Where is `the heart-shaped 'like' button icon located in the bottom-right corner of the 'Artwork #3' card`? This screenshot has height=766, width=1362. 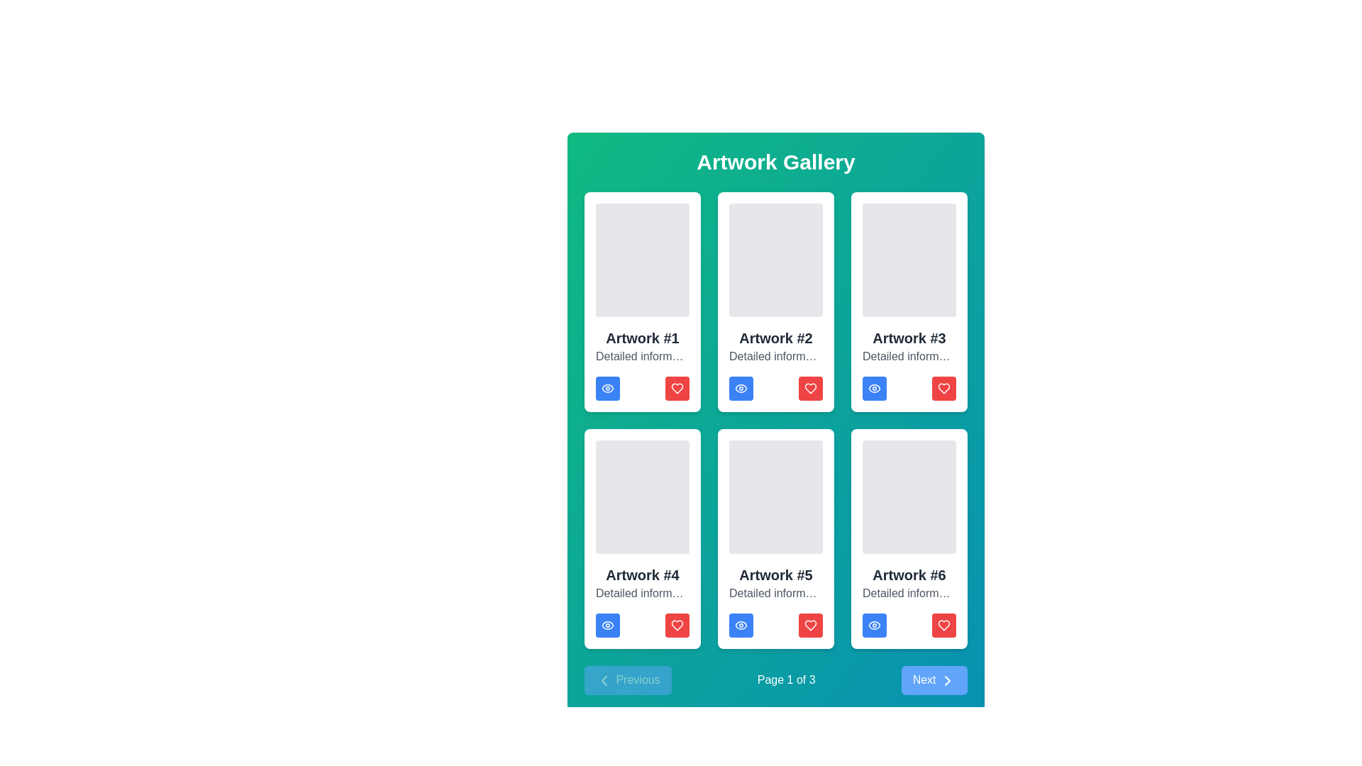 the heart-shaped 'like' button icon located in the bottom-right corner of the 'Artwork #3' card is located at coordinates (943, 388).